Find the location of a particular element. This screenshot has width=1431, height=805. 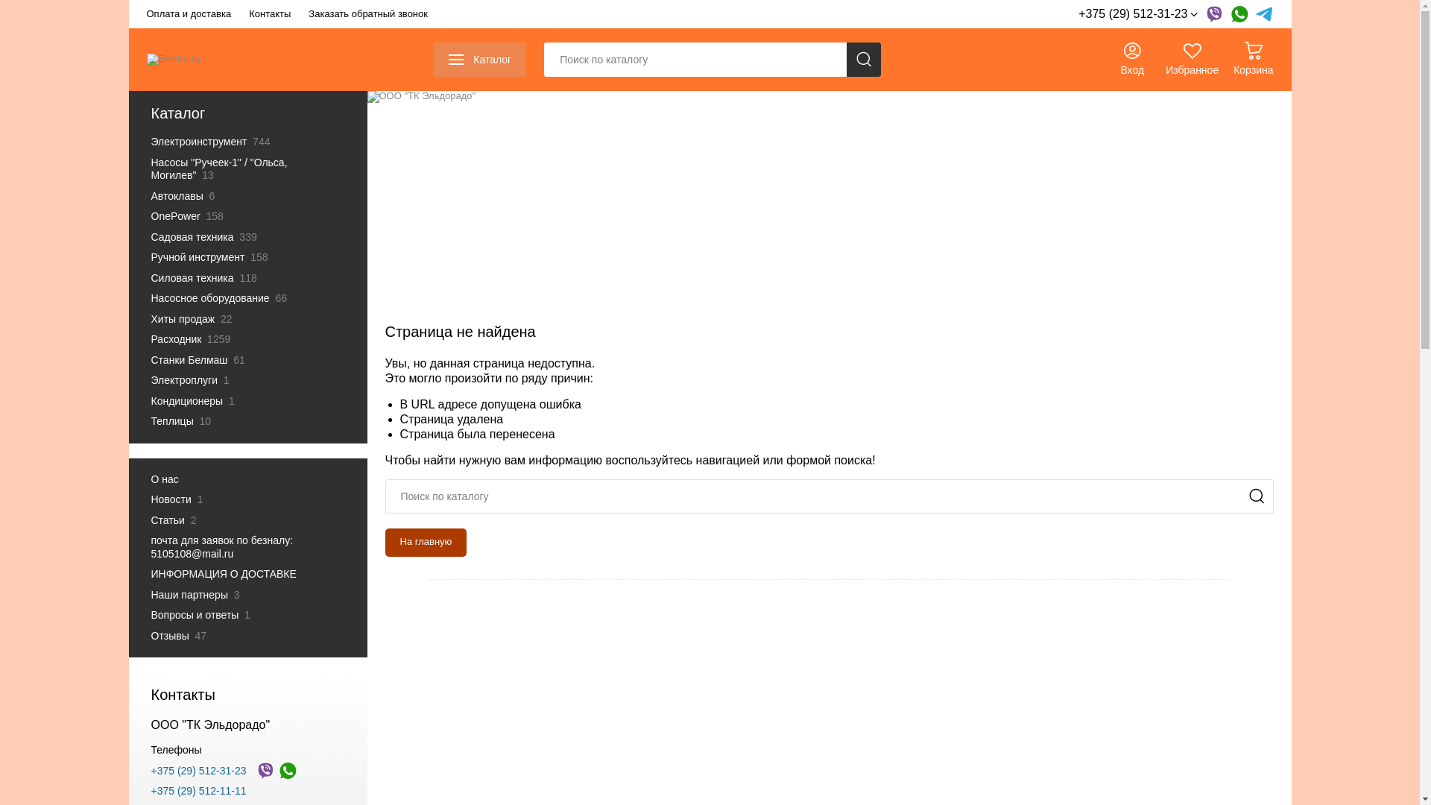

'Viber' is located at coordinates (1213, 14).